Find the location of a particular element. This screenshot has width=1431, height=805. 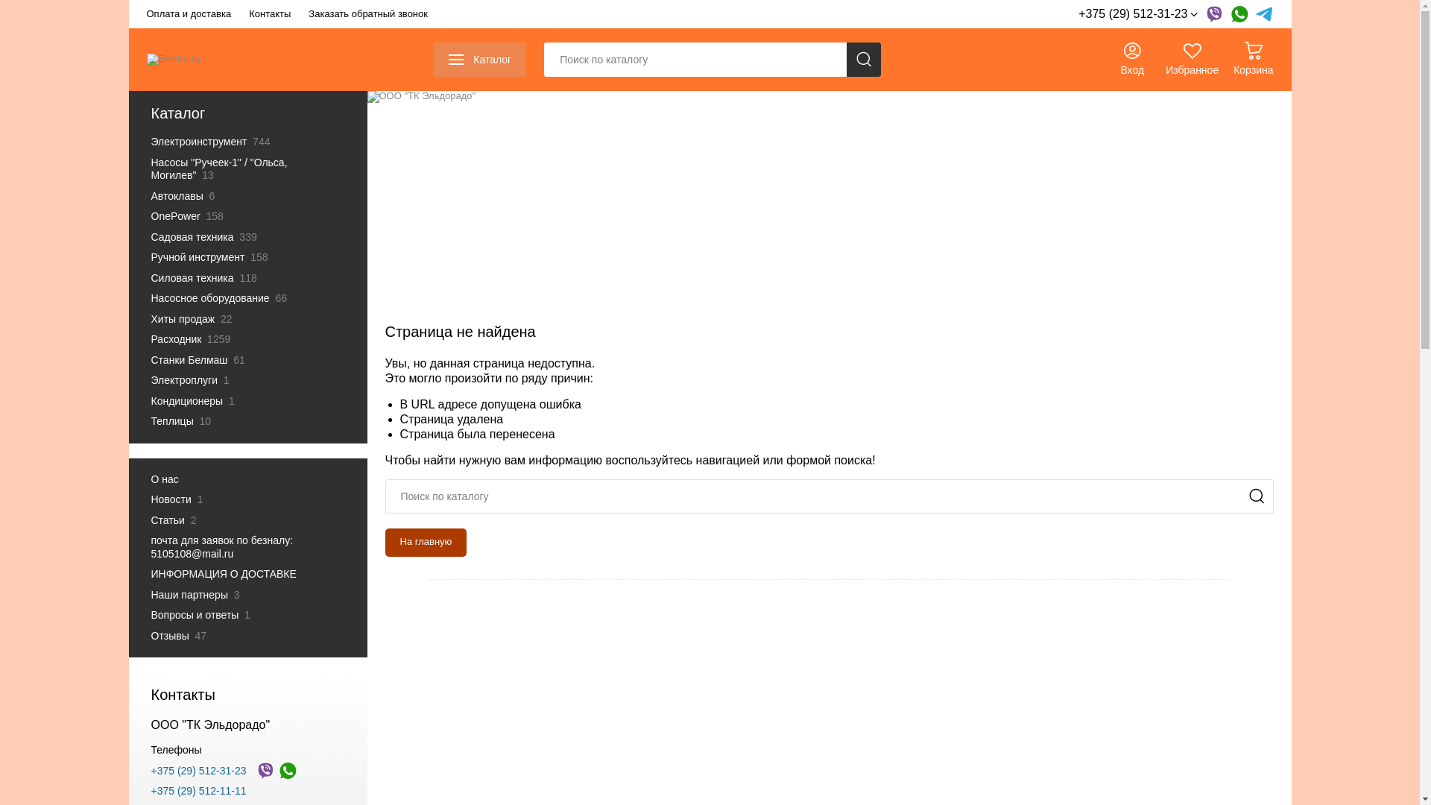

'Viber' is located at coordinates (1213, 14).